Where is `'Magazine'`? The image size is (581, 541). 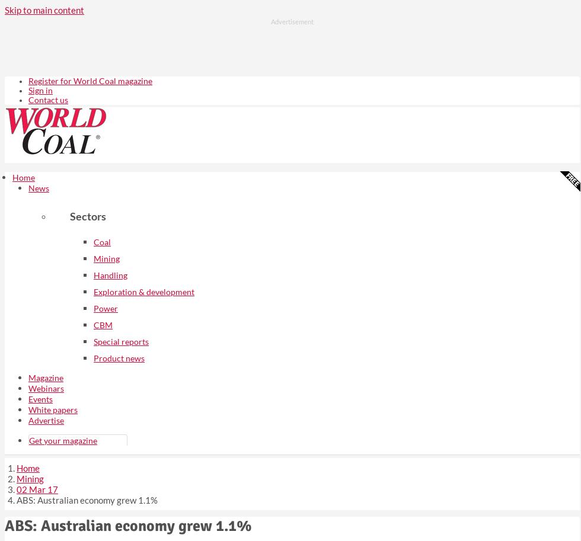
'Magazine' is located at coordinates (46, 376).